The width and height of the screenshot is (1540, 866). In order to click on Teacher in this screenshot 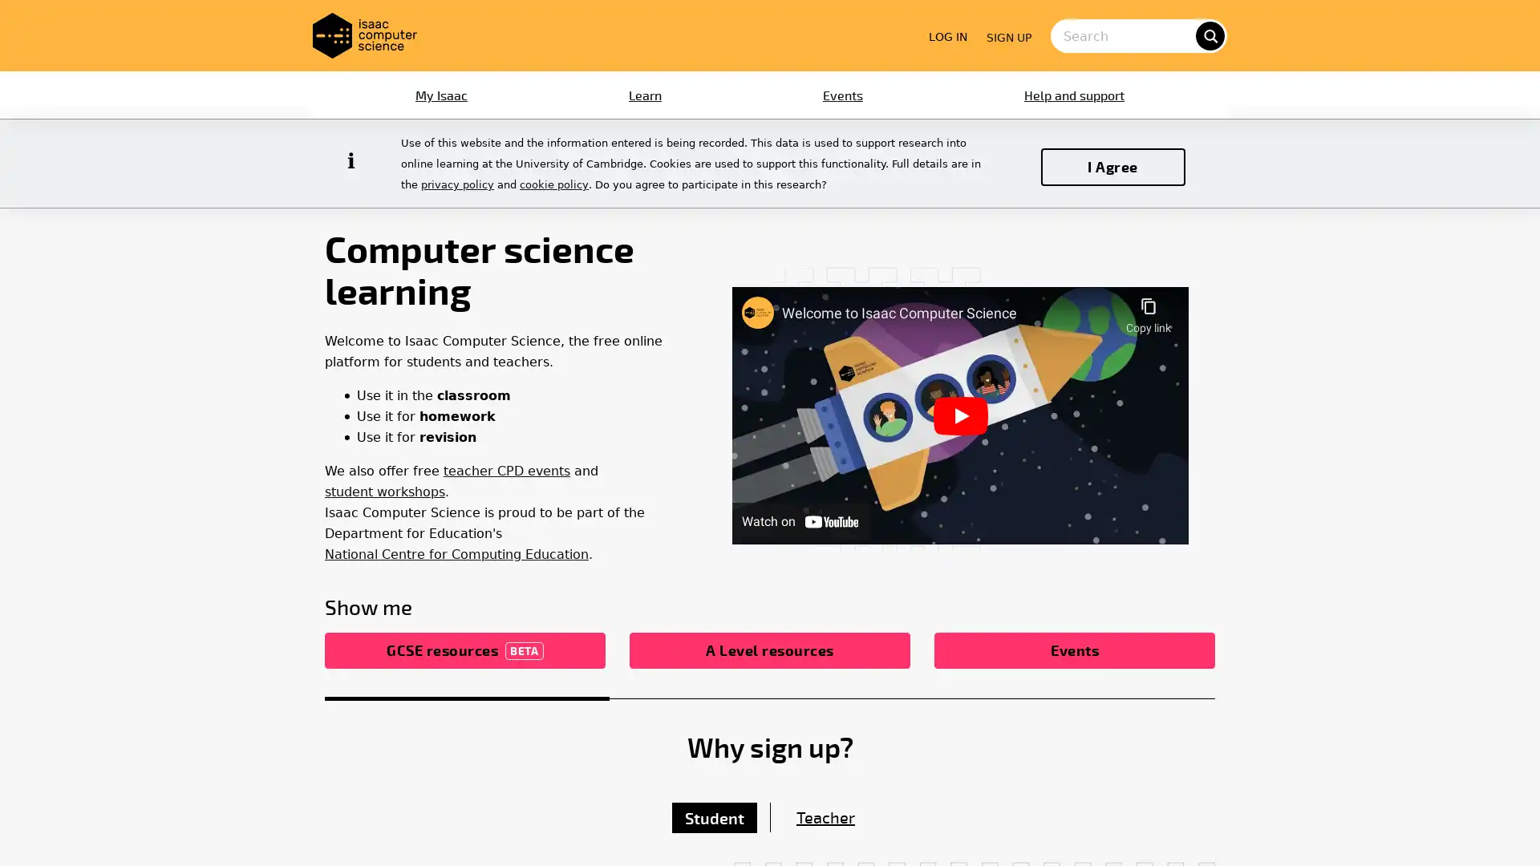, I will do `click(825, 816)`.